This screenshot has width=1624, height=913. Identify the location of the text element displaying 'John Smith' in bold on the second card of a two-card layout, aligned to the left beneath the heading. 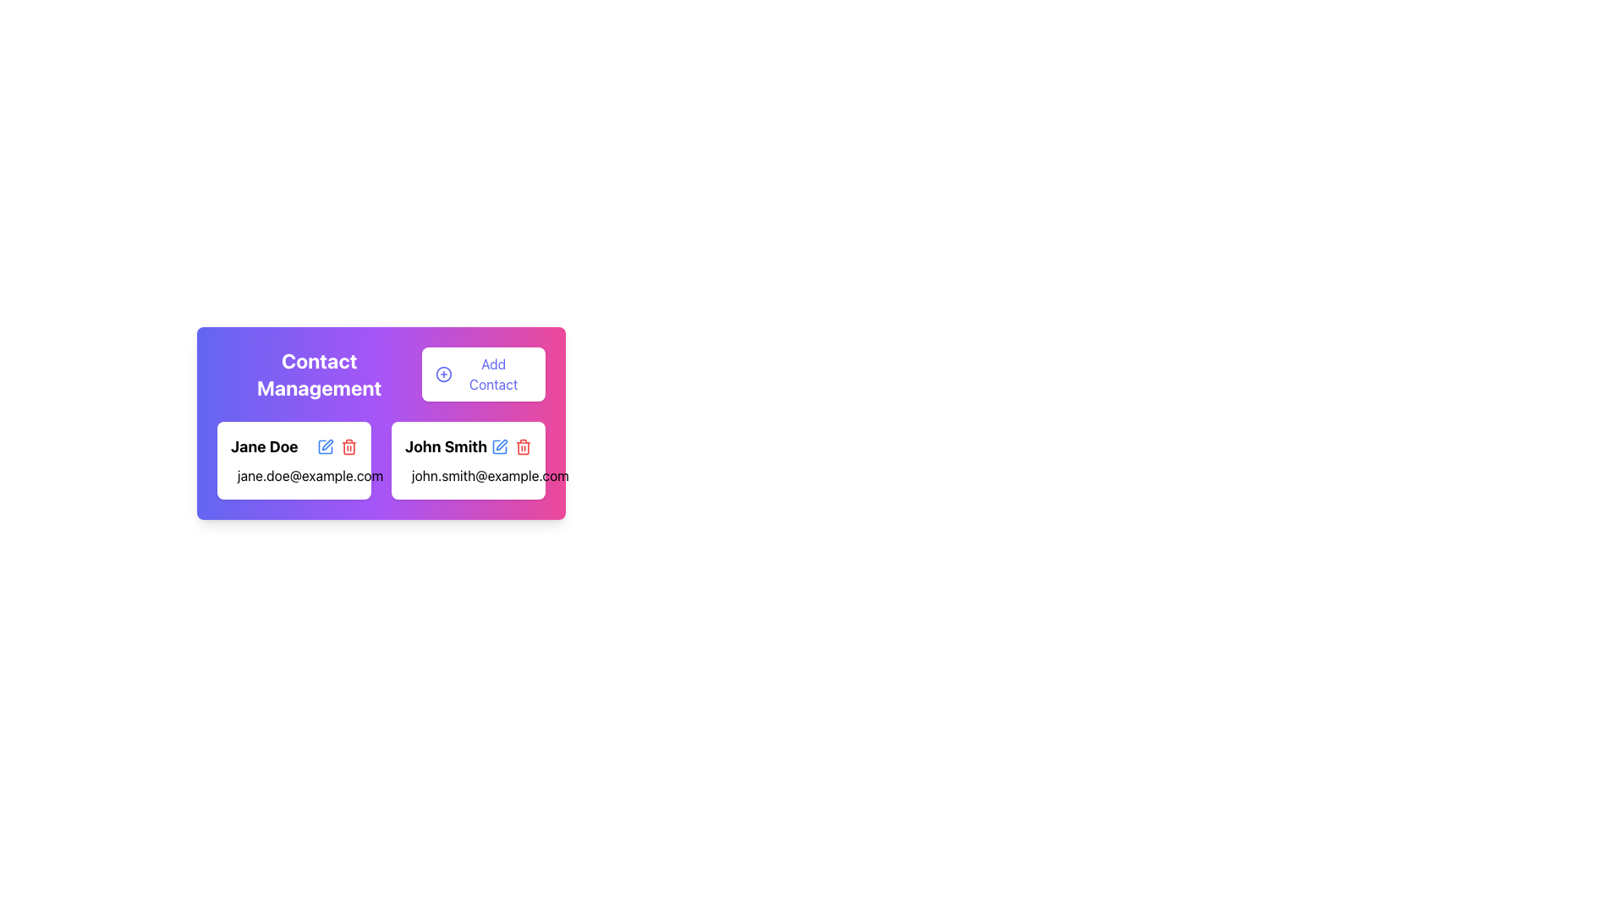
(446, 446).